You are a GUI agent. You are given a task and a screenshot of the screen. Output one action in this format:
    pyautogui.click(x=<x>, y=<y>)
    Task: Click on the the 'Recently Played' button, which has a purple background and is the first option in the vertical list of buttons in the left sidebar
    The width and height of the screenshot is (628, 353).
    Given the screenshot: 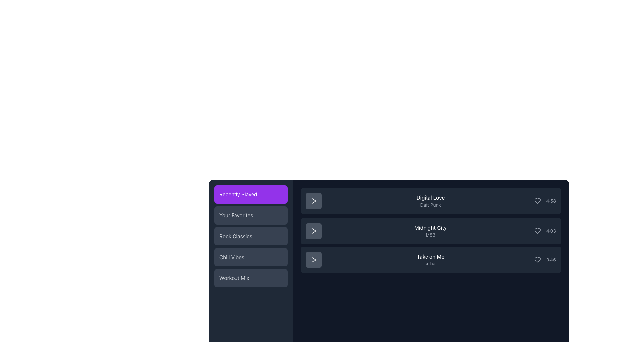 What is the action you would take?
    pyautogui.click(x=251, y=194)
    